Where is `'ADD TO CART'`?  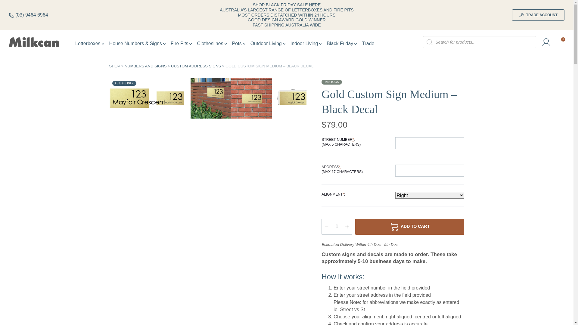 'ADD TO CART' is located at coordinates (409, 227).